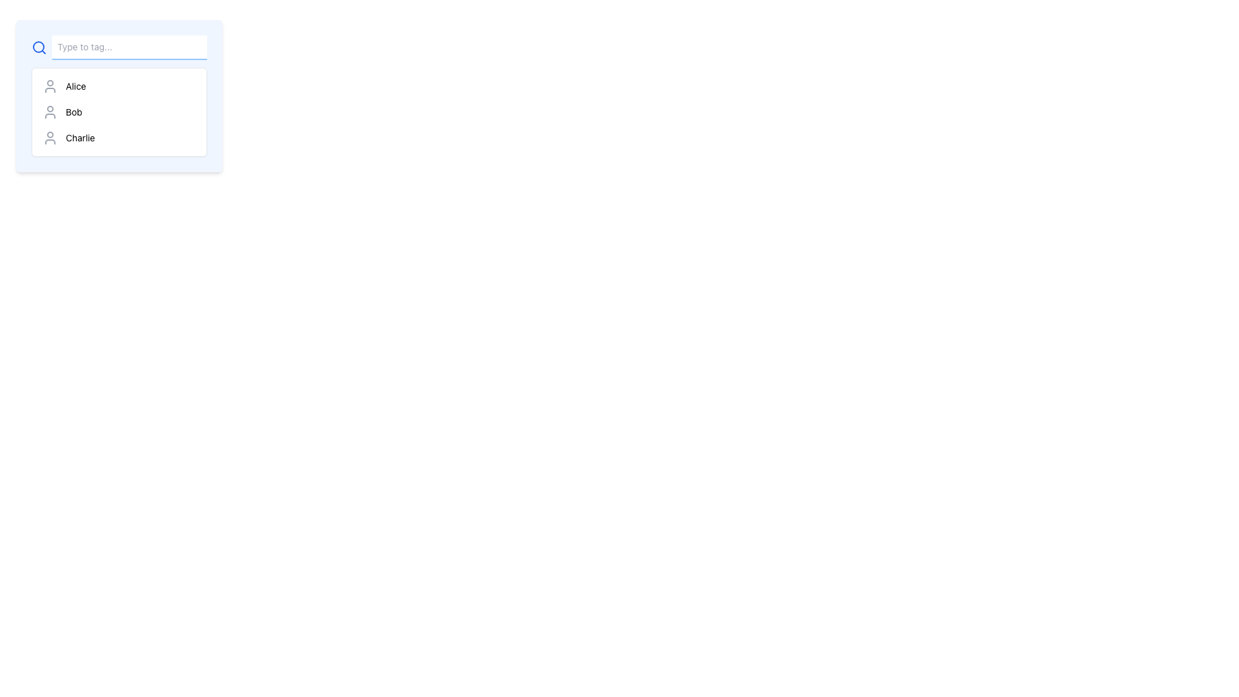  What do you see at coordinates (119, 46) in the screenshot?
I see `the search input component, which consists of a blue magnifying glass icon and an input field with the placeholder 'Type` at bounding box center [119, 46].